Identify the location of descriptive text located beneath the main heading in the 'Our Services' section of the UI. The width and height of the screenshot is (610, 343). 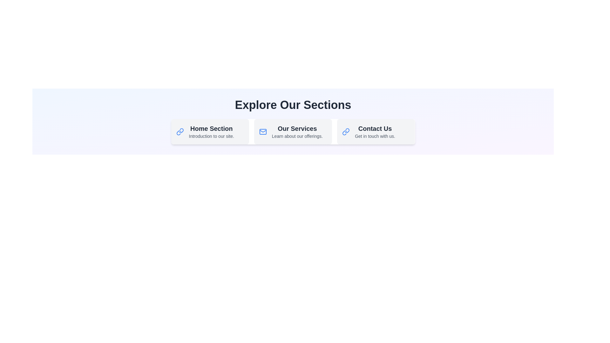
(297, 136).